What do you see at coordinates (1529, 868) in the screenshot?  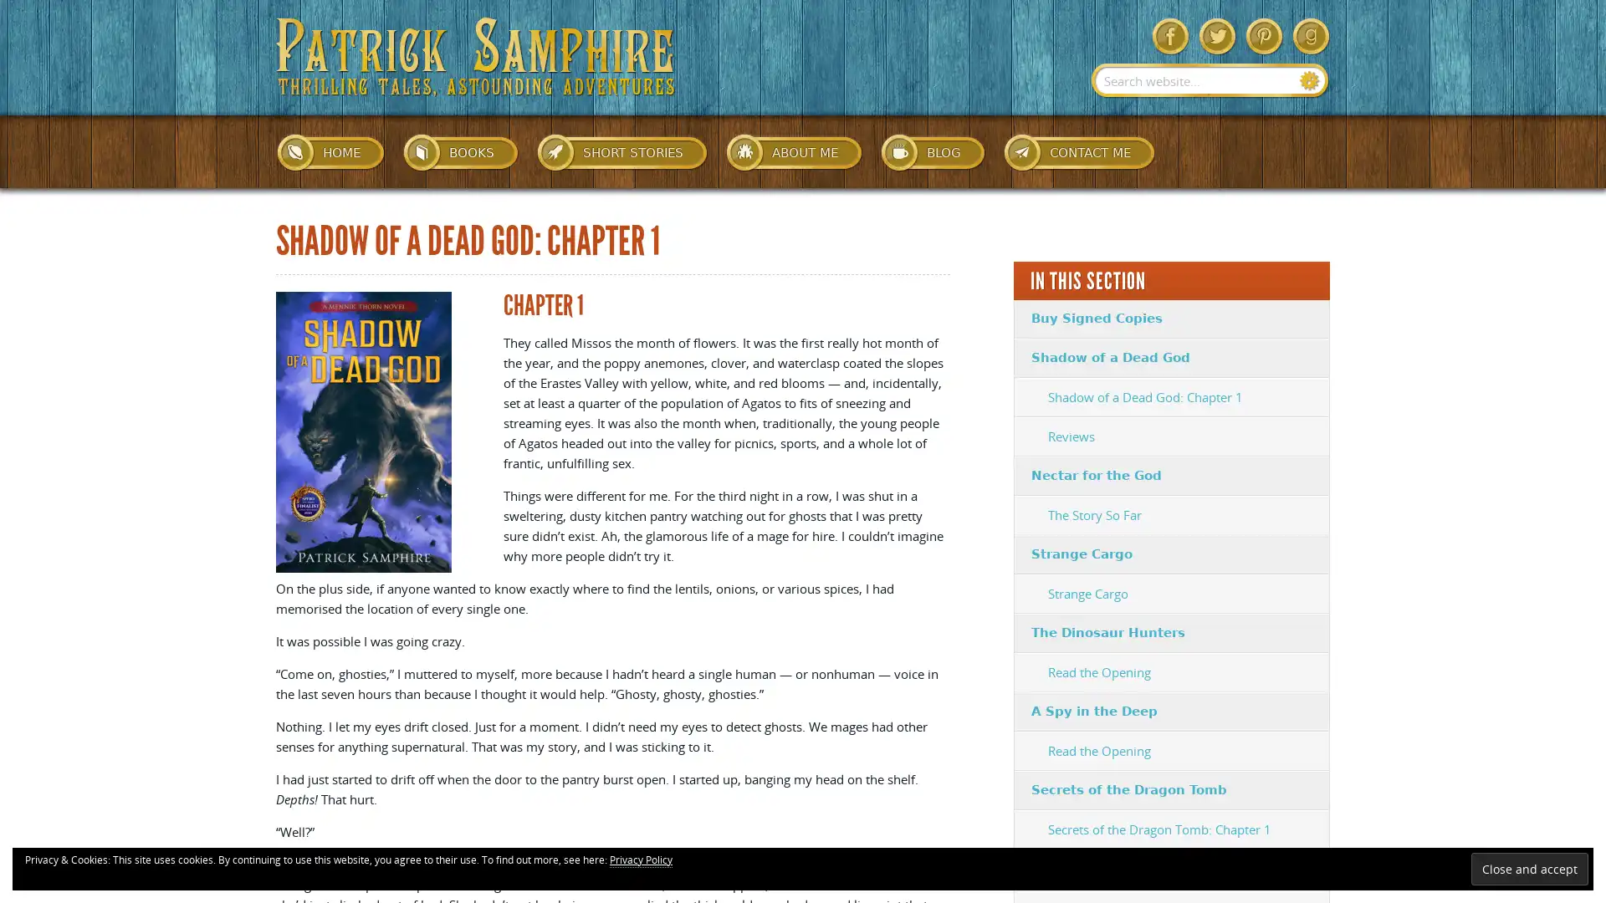 I see `Close and accept` at bounding box center [1529, 868].